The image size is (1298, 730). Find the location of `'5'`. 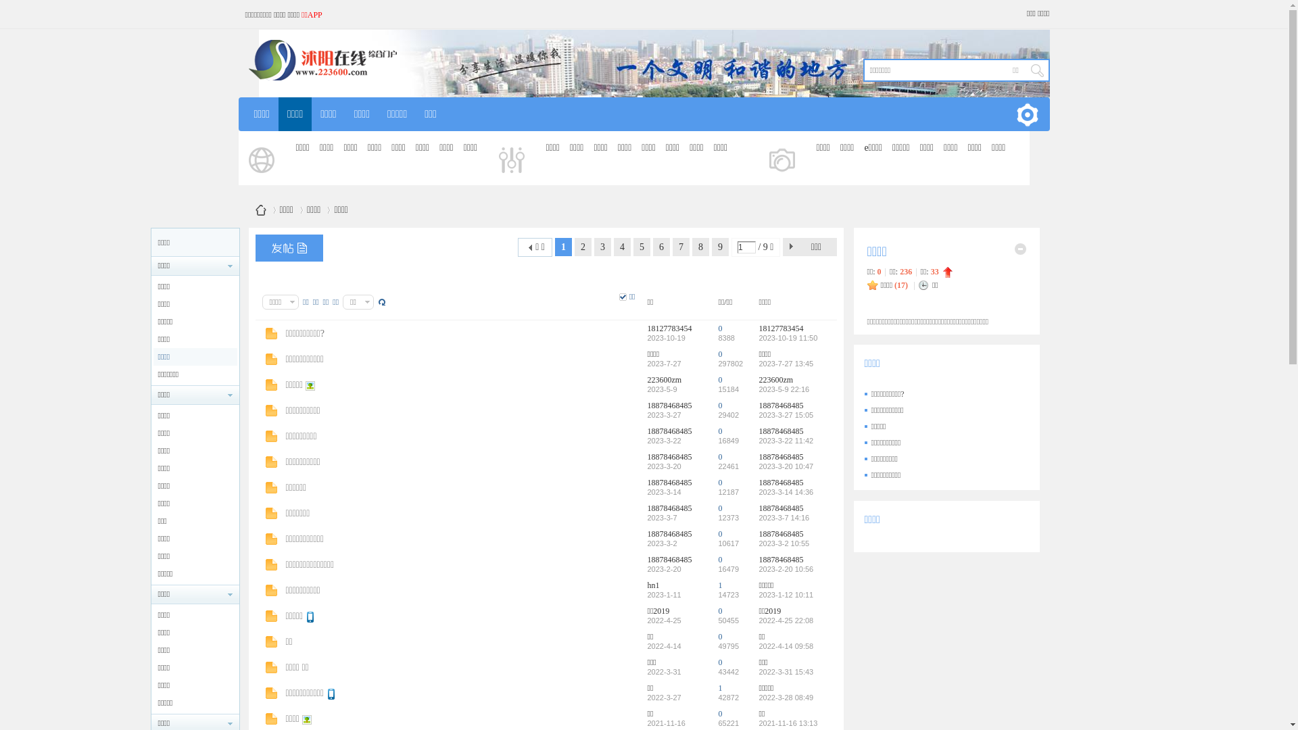

'5' is located at coordinates (641, 247).